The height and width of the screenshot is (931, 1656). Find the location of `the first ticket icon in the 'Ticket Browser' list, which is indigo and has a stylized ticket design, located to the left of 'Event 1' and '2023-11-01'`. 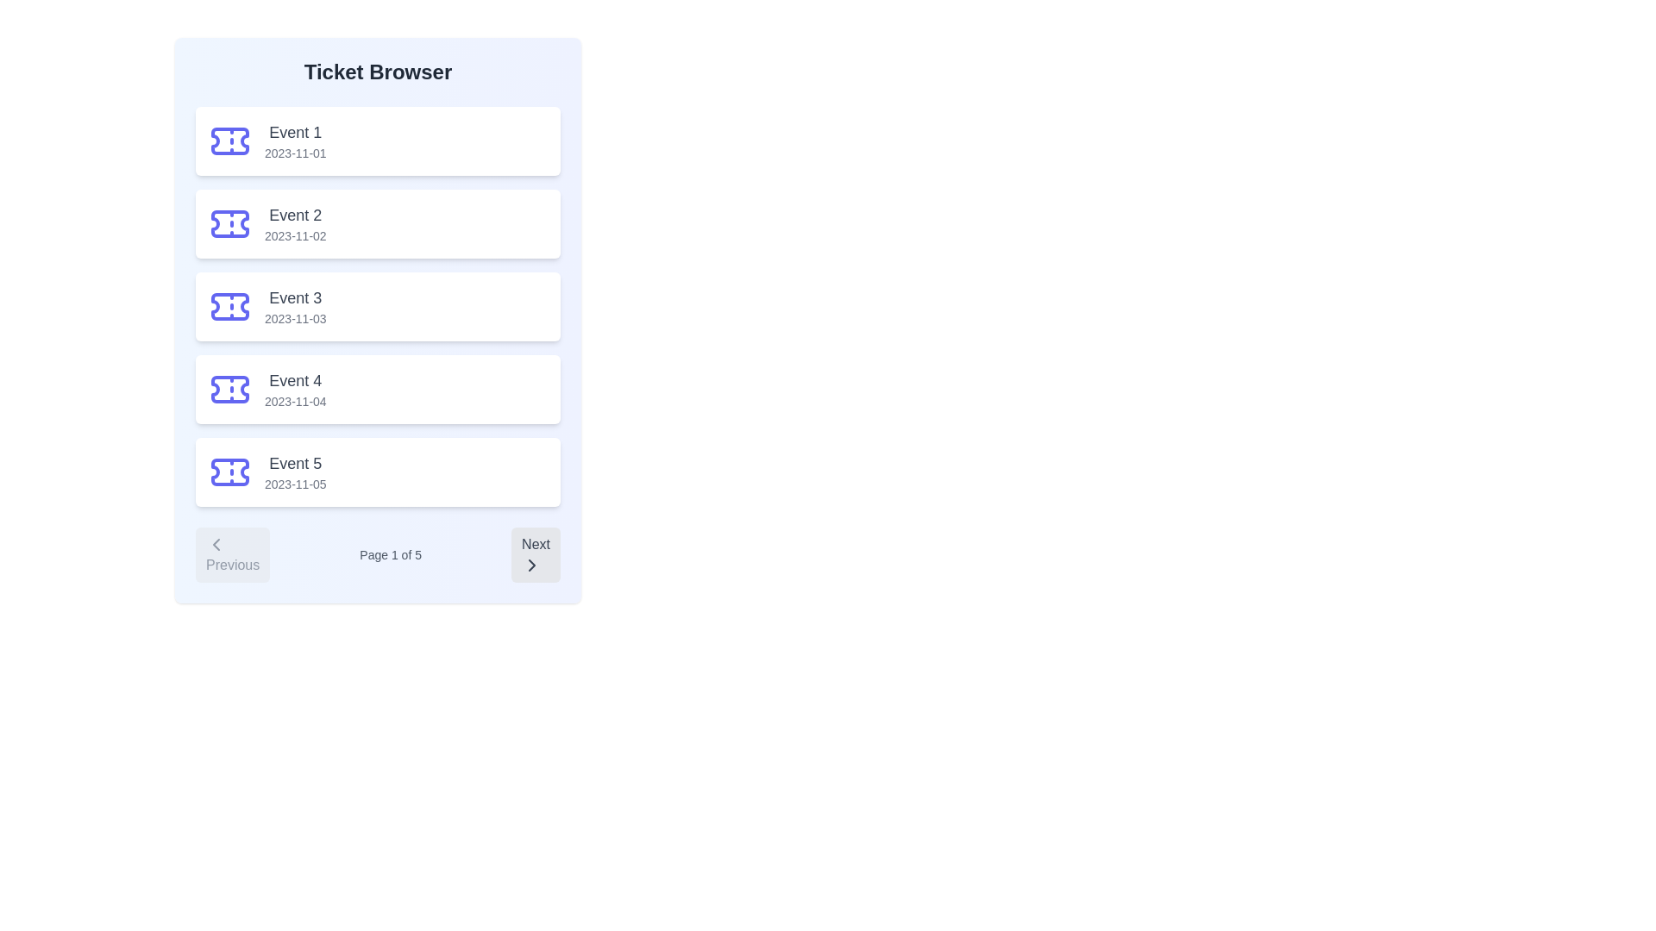

the first ticket icon in the 'Ticket Browser' list, which is indigo and has a stylized ticket design, located to the left of 'Event 1' and '2023-11-01' is located at coordinates (229, 141).